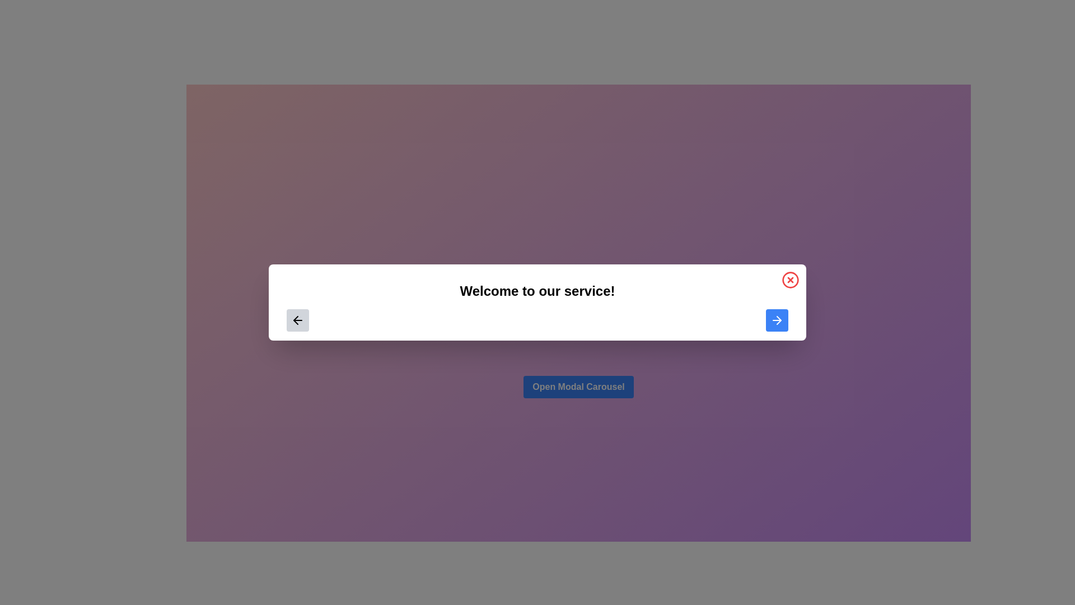 This screenshot has height=605, width=1075. Describe the element at coordinates (776, 320) in the screenshot. I see `the navigation button located within the modal dialog box, positioned on the right side at the bottom` at that location.